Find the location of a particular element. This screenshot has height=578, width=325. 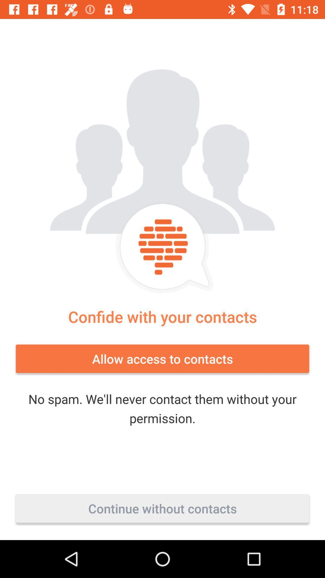

the item below no spam we item is located at coordinates (162, 508).